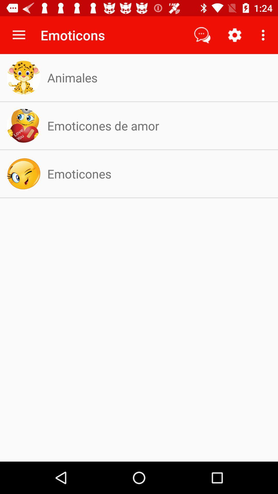 Image resolution: width=278 pixels, height=494 pixels. What do you see at coordinates (234, 35) in the screenshot?
I see `the setting icon bar` at bounding box center [234, 35].